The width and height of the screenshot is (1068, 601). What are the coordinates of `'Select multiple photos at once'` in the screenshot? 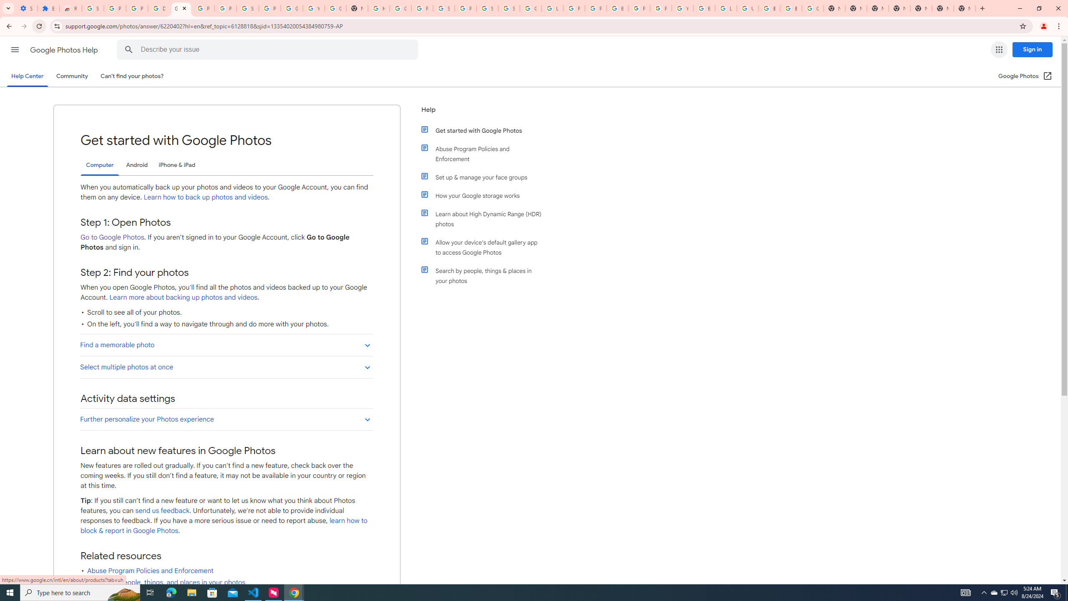 It's located at (226, 366).